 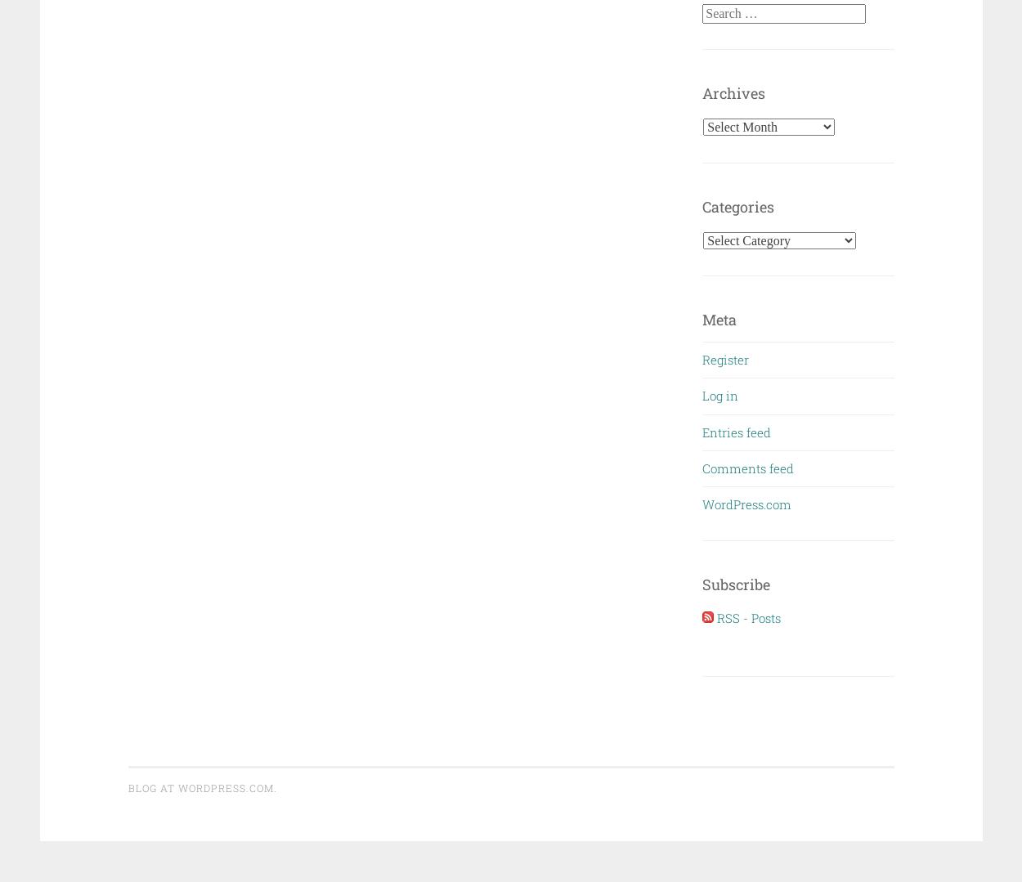 I want to click on 'Meta', so click(x=702, y=319).